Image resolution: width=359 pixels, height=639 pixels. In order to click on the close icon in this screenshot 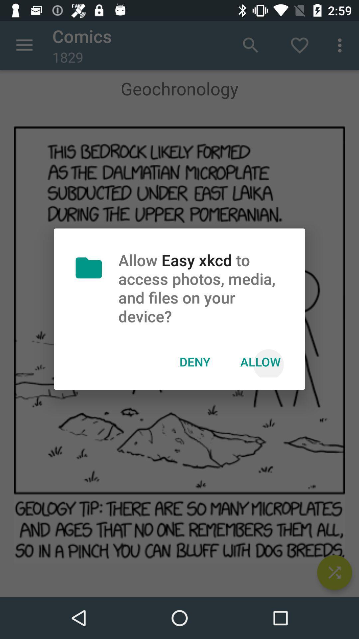, I will do `click(334, 572)`.